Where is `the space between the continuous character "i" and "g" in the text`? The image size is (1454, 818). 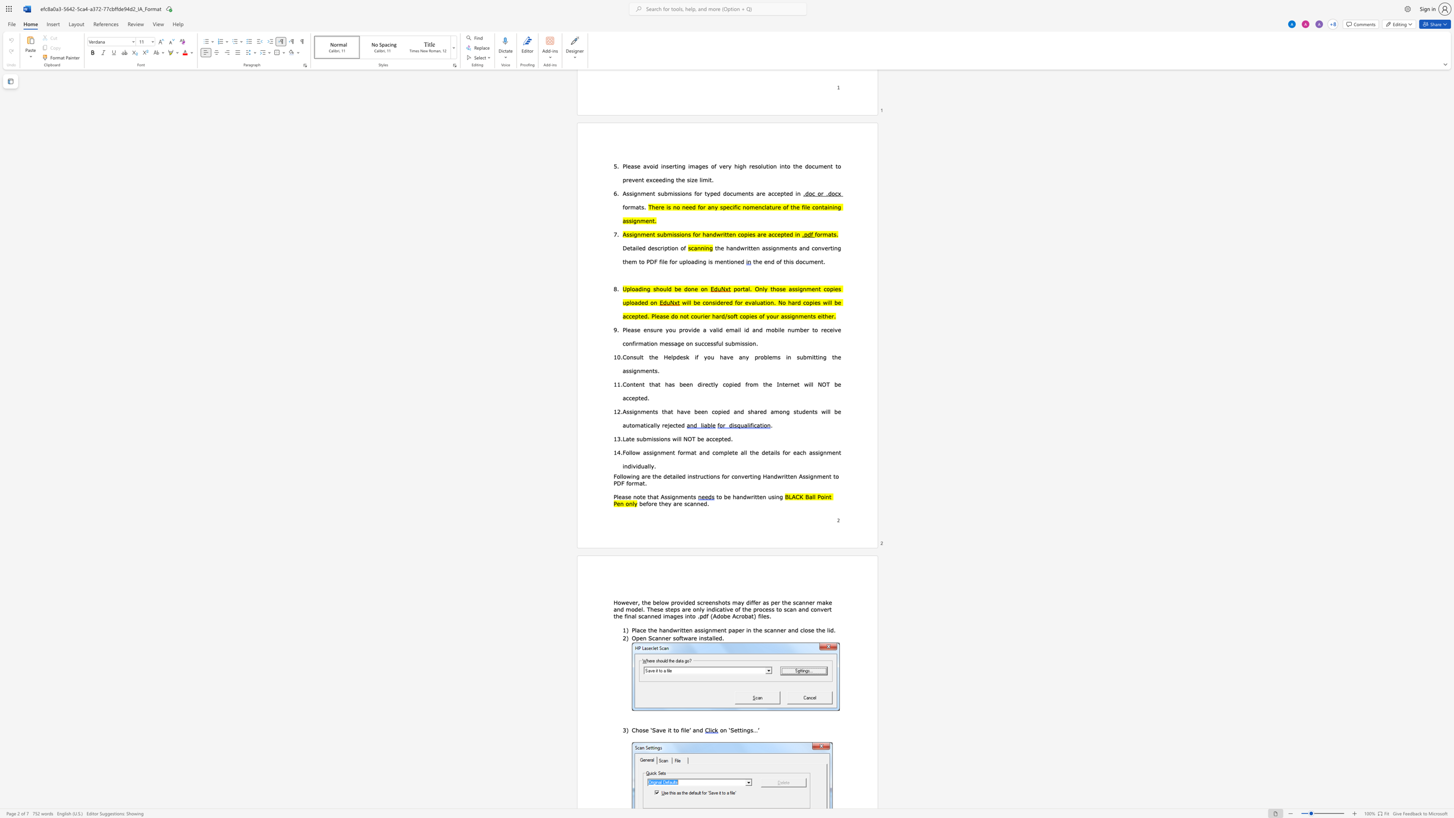
the space between the continuous character "i" and "g" in the text is located at coordinates (705, 630).